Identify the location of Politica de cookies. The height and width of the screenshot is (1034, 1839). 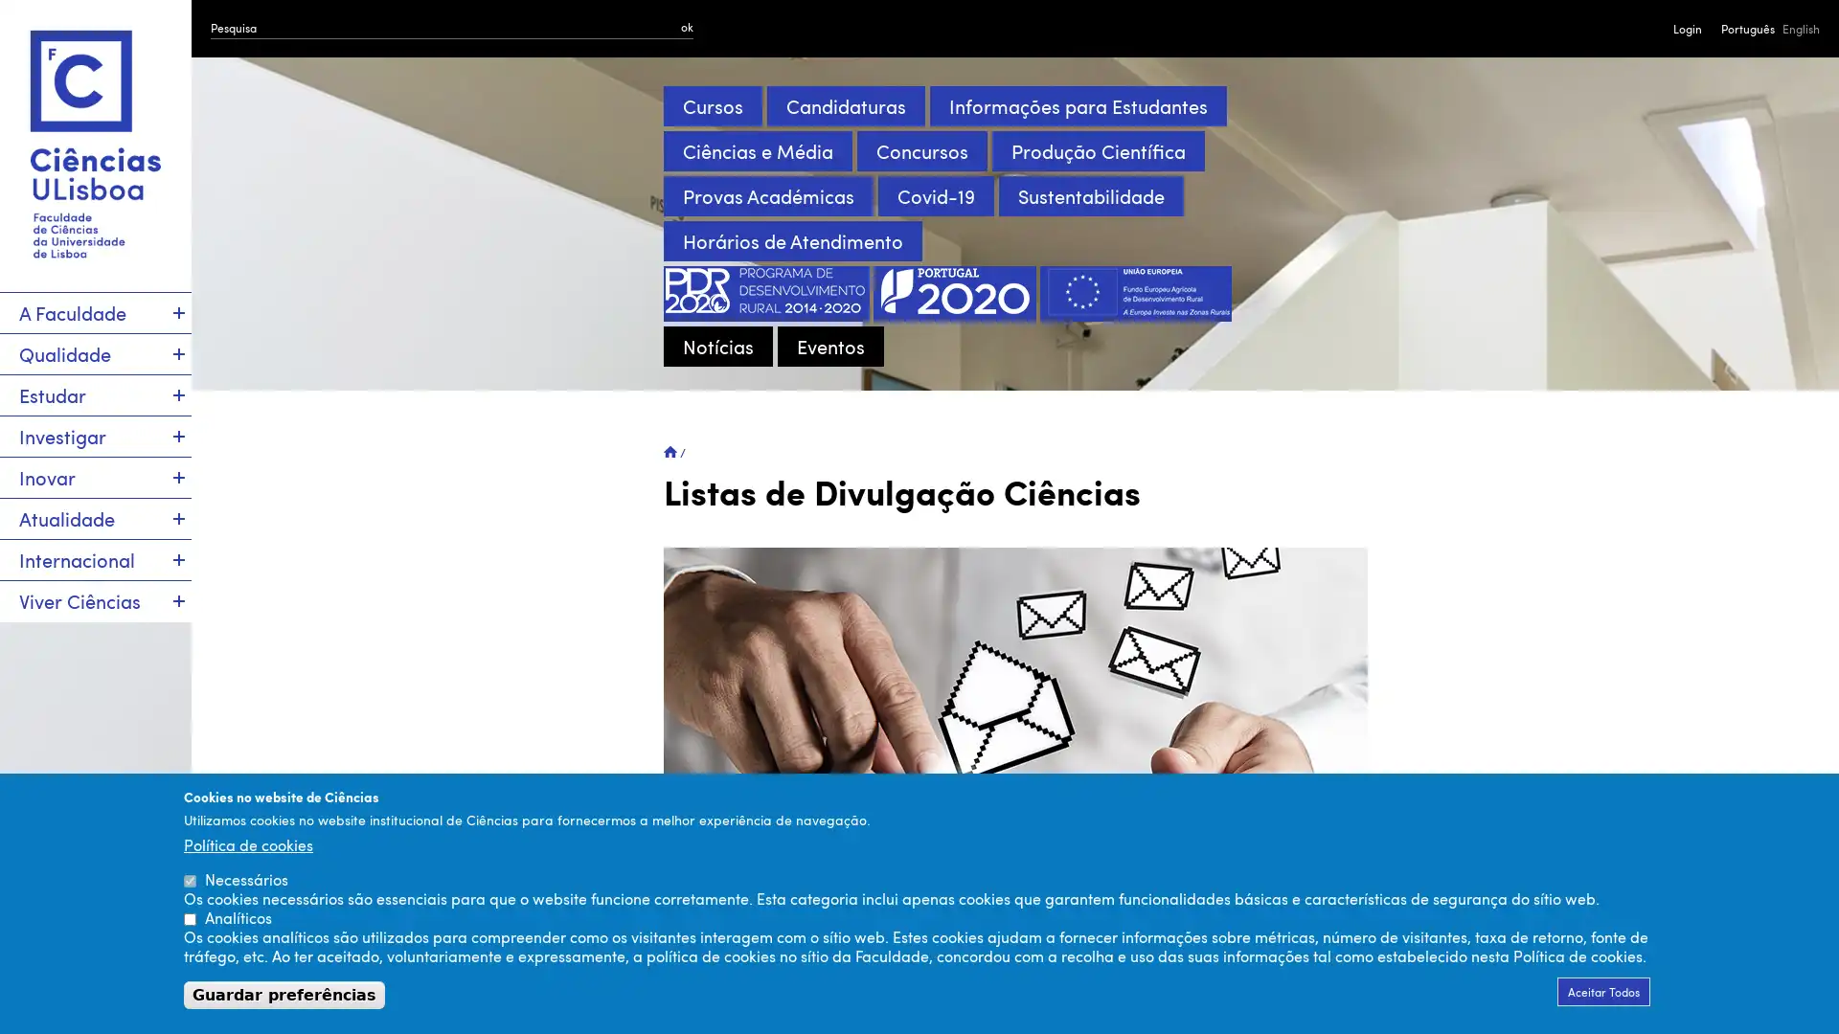
(247, 843).